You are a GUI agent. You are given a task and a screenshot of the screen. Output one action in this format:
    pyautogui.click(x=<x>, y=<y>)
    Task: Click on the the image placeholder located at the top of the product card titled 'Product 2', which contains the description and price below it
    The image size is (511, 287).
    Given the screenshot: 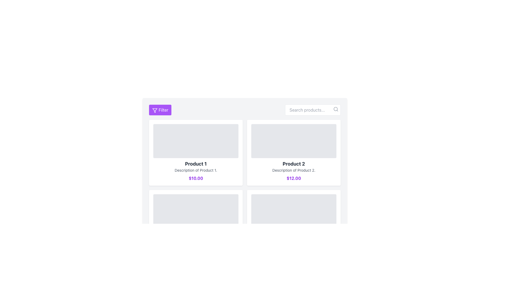 What is the action you would take?
    pyautogui.click(x=294, y=141)
    